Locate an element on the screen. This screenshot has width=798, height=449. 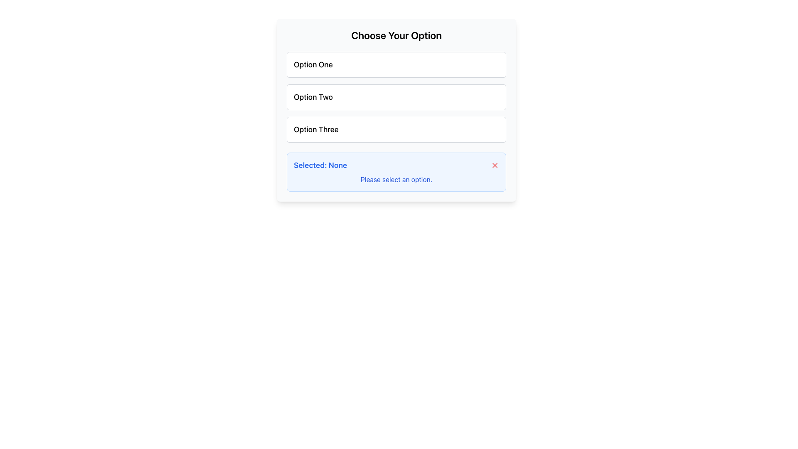
the text label displaying 'Option Three', which is in bold and large font, located in the third row of a vertical list of options is located at coordinates (315, 130).